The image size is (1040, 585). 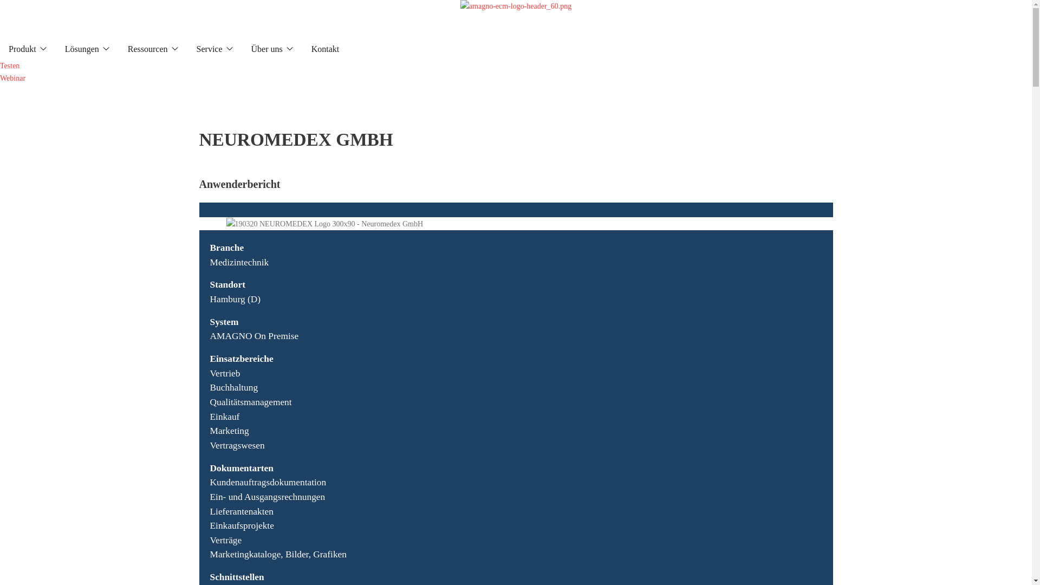 I want to click on 'Testen', so click(x=10, y=66).